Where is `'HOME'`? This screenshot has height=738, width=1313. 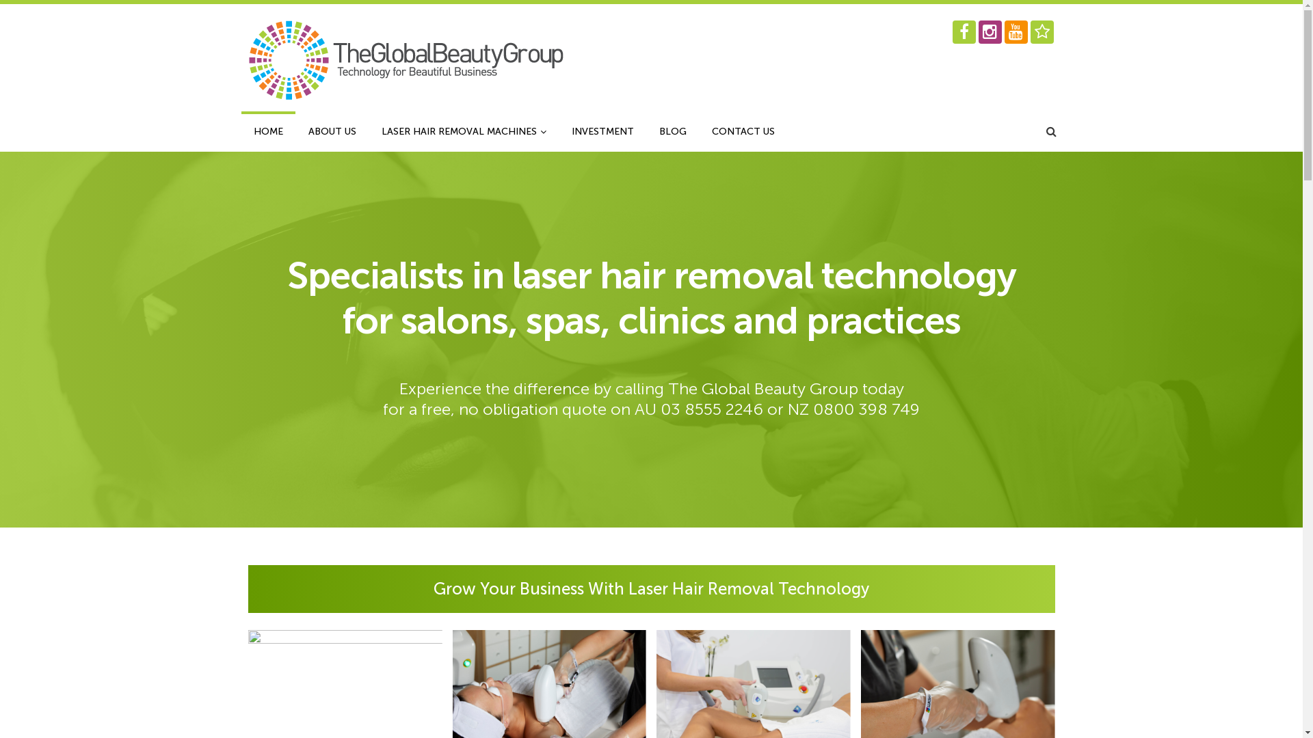 'HOME' is located at coordinates (267, 131).